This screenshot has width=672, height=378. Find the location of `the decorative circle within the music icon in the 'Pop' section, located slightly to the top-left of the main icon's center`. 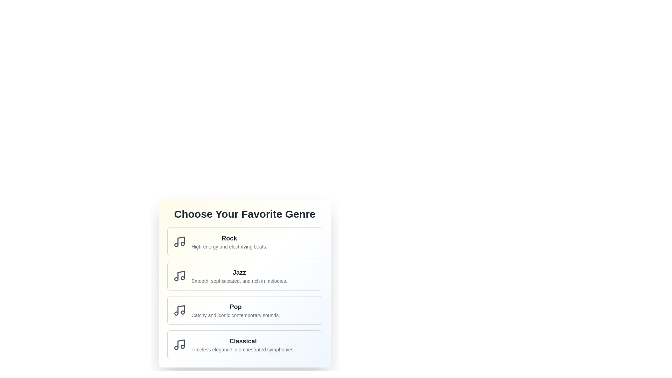

the decorative circle within the music icon in the 'Pop' section, located slightly to the top-left of the main icon's center is located at coordinates (183, 312).